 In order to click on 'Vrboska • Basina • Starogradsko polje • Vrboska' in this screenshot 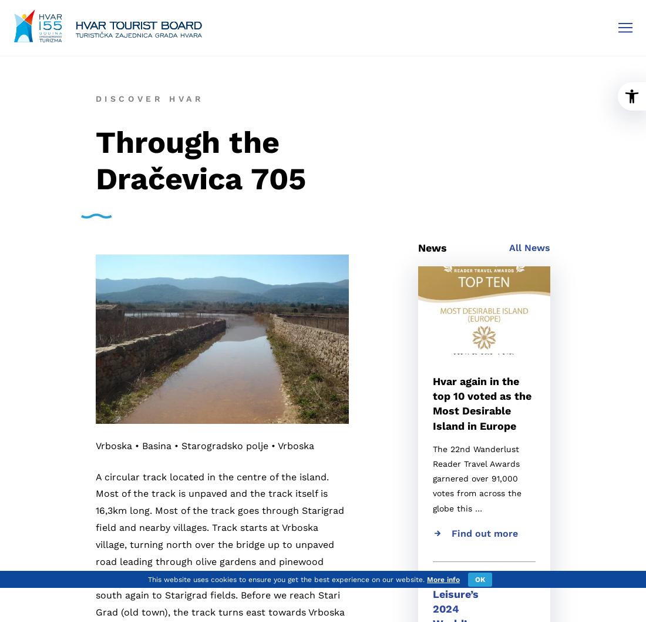, I will do `click(95, 445)`.